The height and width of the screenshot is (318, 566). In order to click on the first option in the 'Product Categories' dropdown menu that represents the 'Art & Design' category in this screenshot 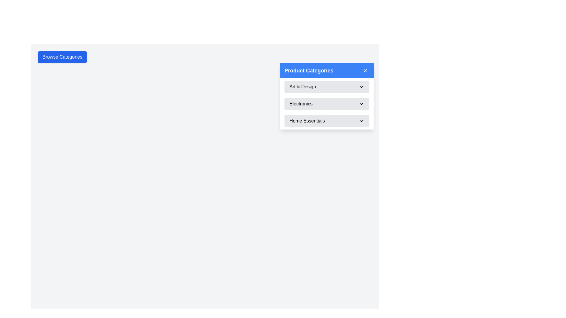, I will do `click(326, 87)`.